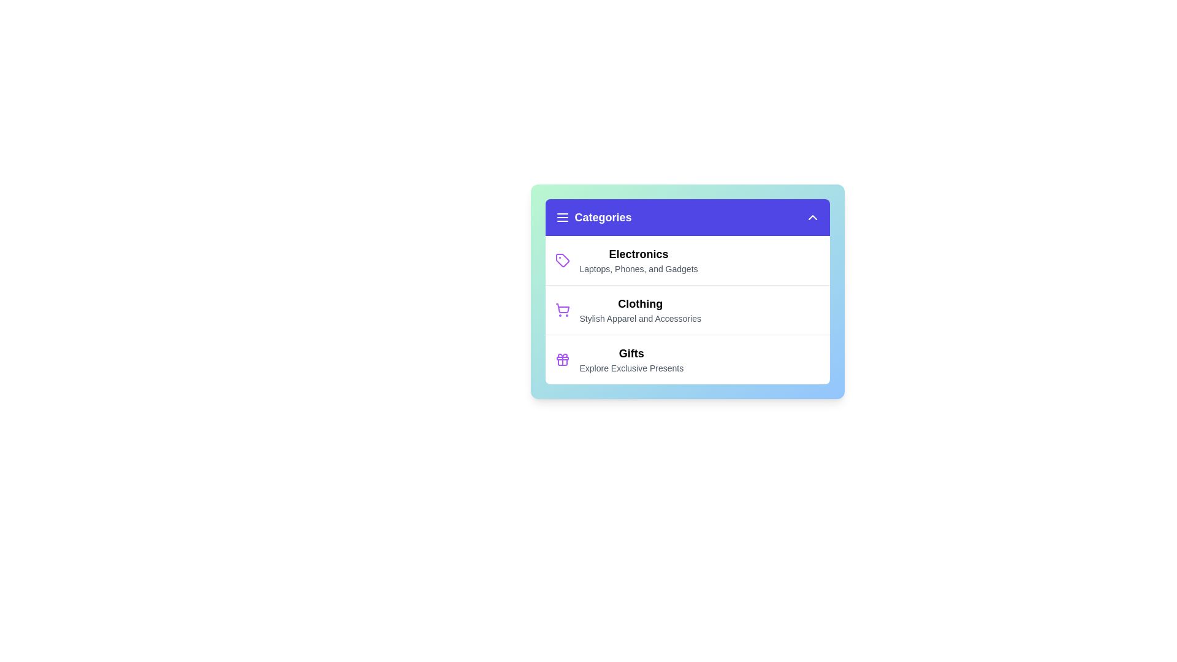  I want to click on the 'Clothing' category entry to select it, so click(639, 303).